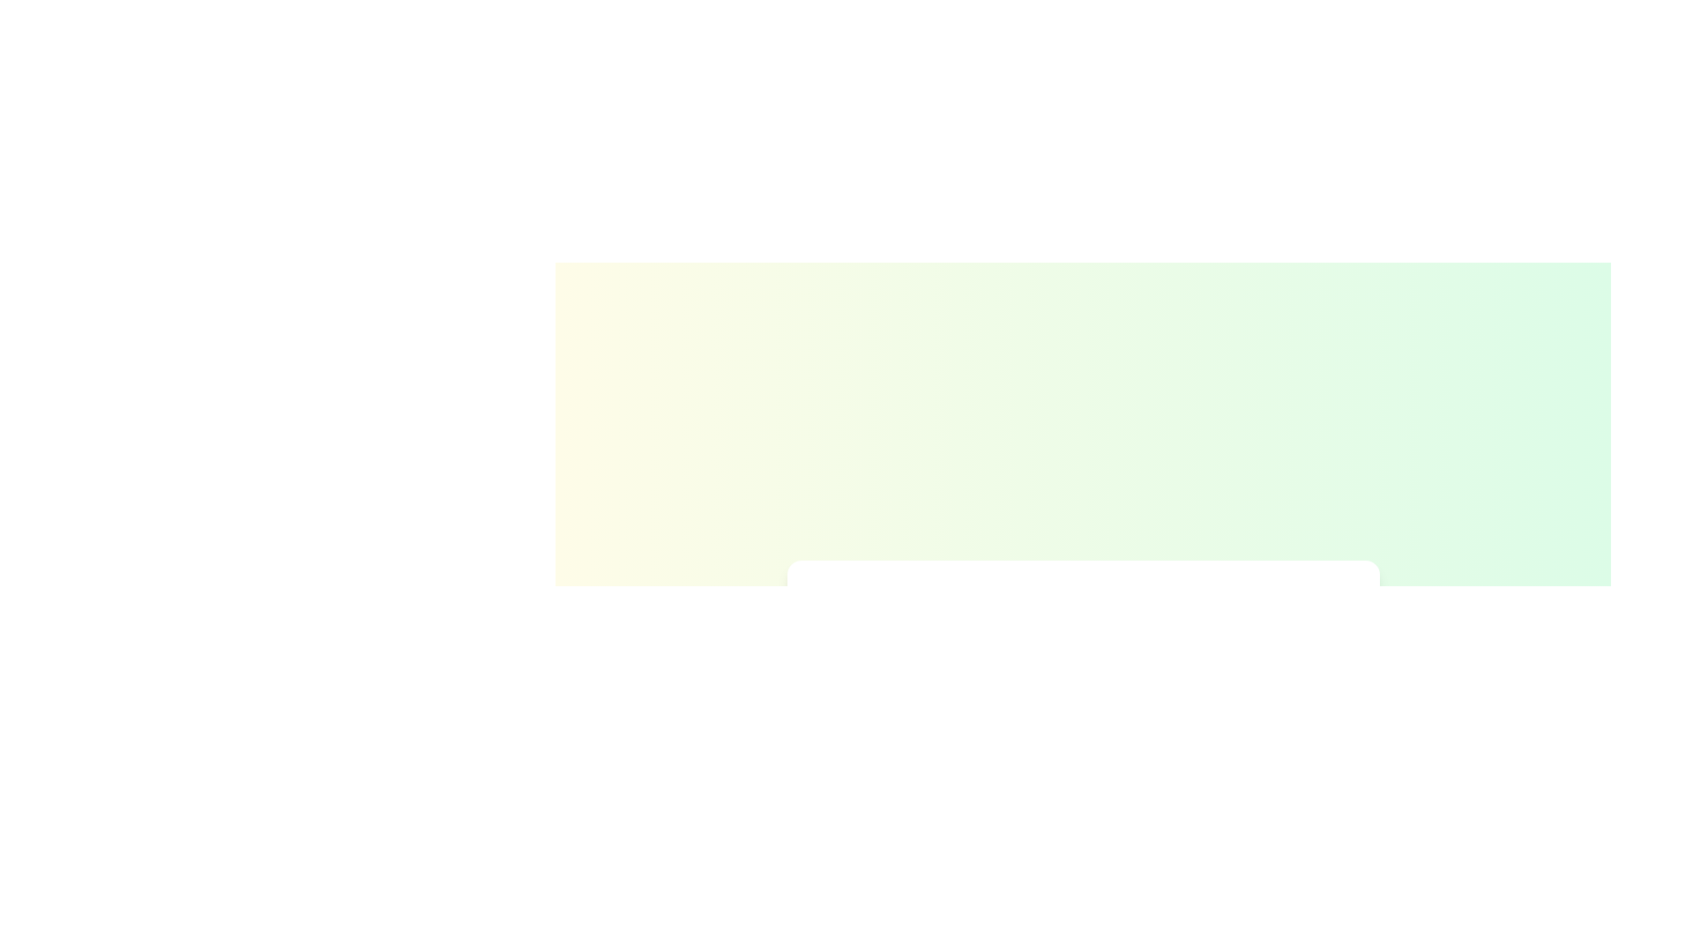 This screenshot has width=1693, height=952. I want to click on the circular slider thumb labeled with the value '4', positioned at 75% of the slider's width, so click(1219, 673).